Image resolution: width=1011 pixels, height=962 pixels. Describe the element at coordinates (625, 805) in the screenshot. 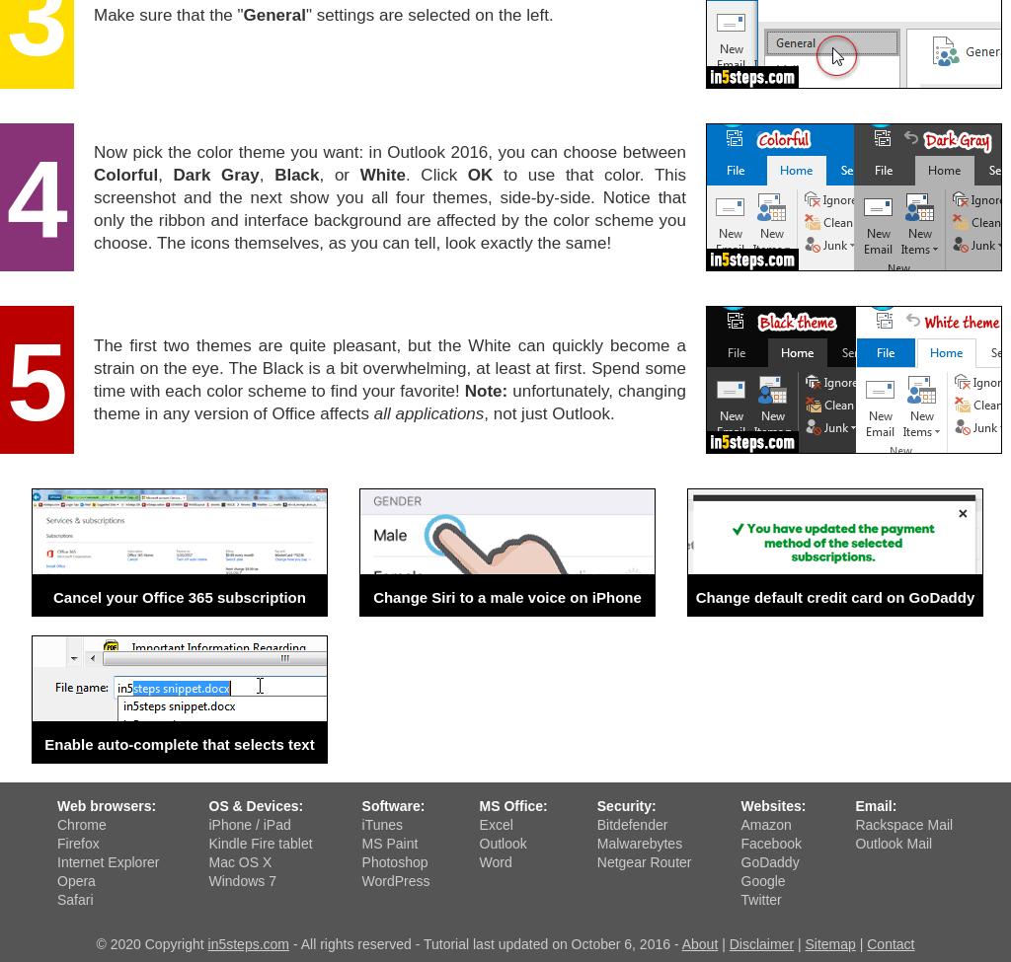

I see `'Security:'` at that location.